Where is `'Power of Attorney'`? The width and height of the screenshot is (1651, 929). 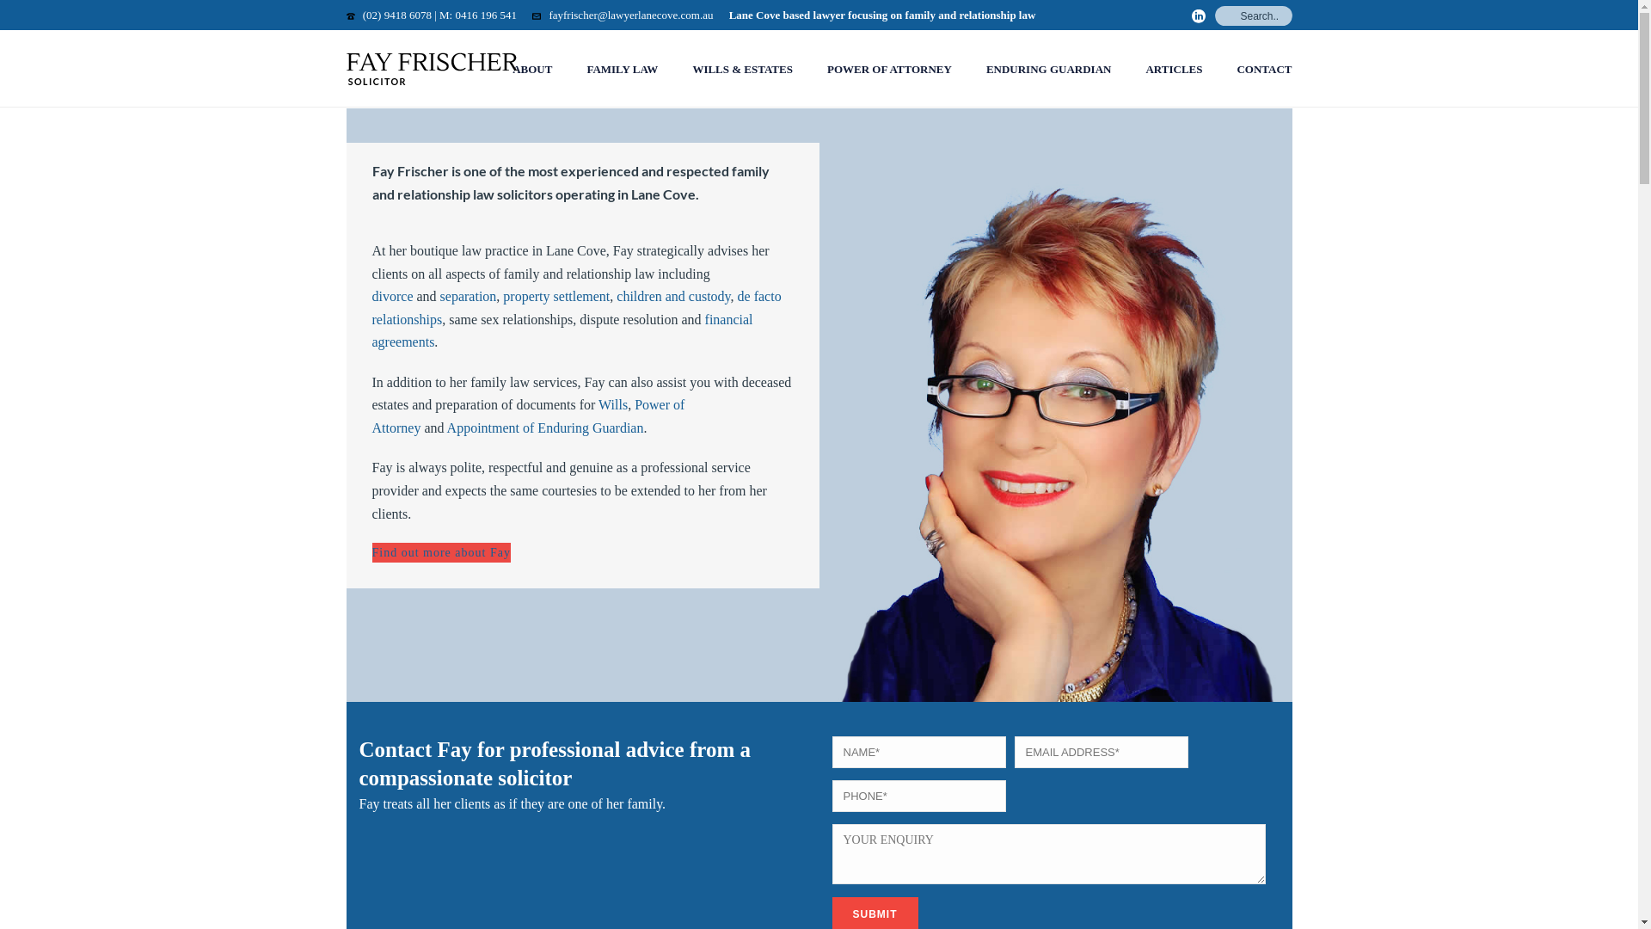
'Power of Attorney' is located at coordinates (371, 415).